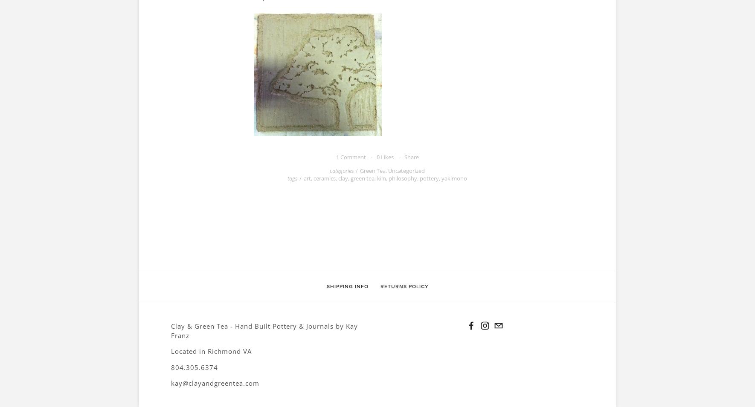 This screenshot has height=407, width=755. What do you see at coordinates (343, 178) in the screenshot?
I see `'clay'` at bounding box center [343, 178].